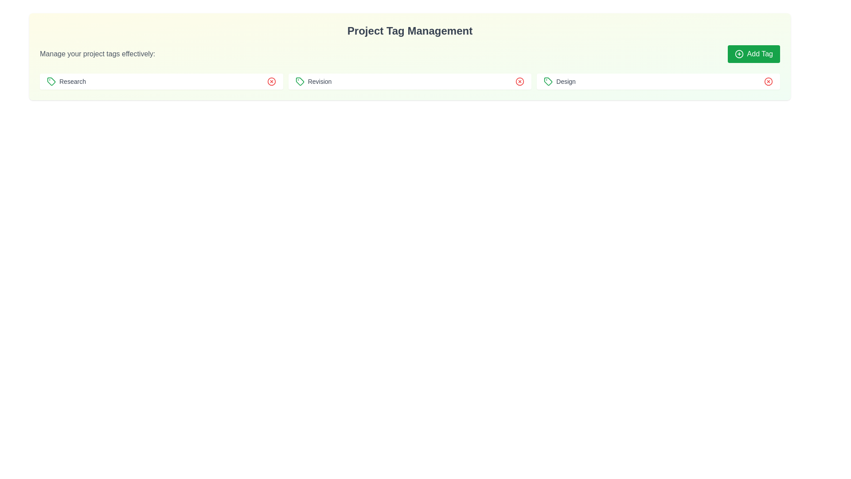  Describe the element at coordinates (66, 82) in the screenshot. I see `the 'Research' tag text, which is styled in gray and located next to a green tag icon` at that location.